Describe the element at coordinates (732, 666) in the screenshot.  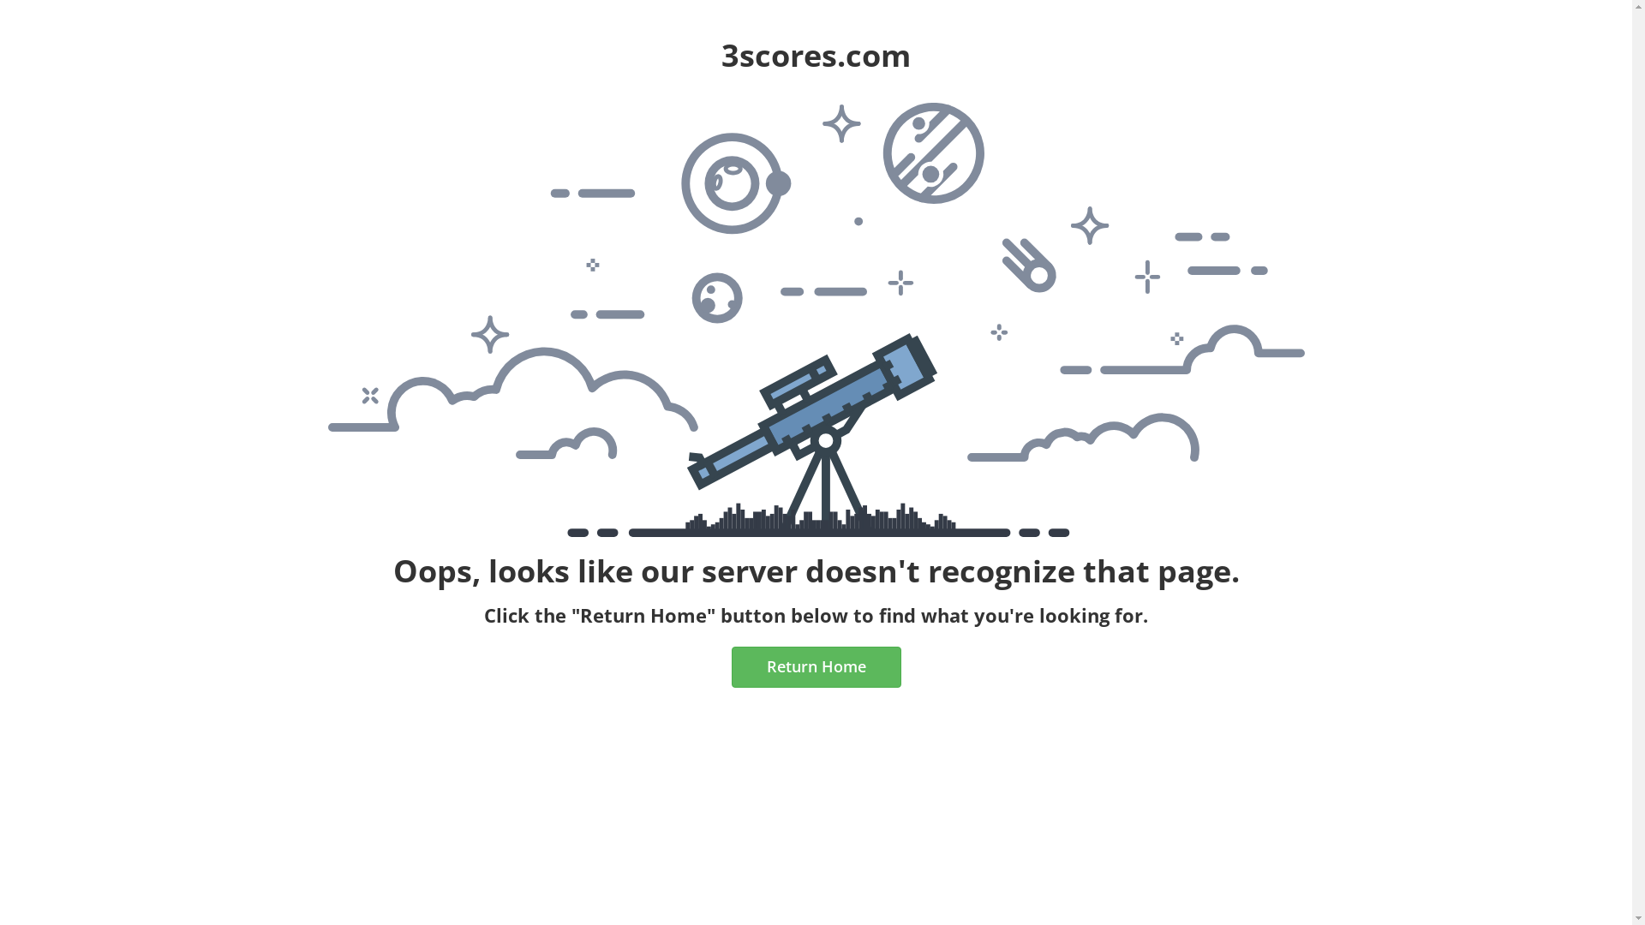
I see `'Return Home'` at that location.